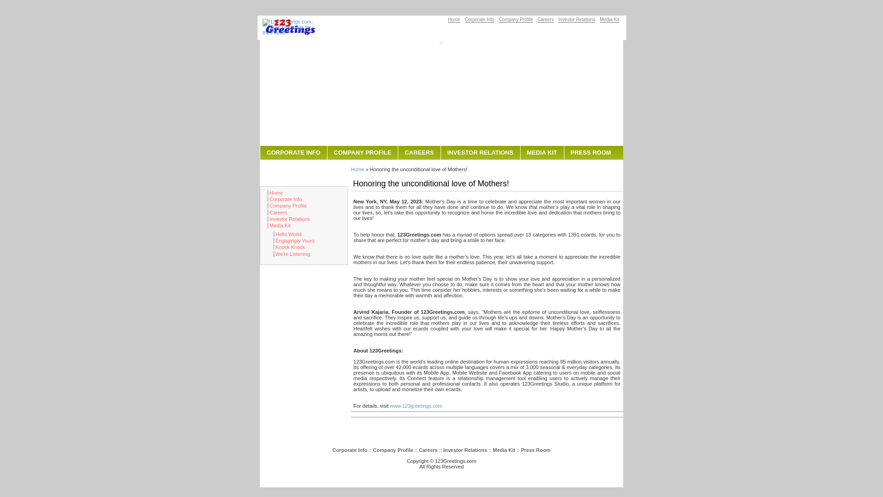 This screenshot has width=883, height=497. I want to click on 'Home', so click(454, 19).